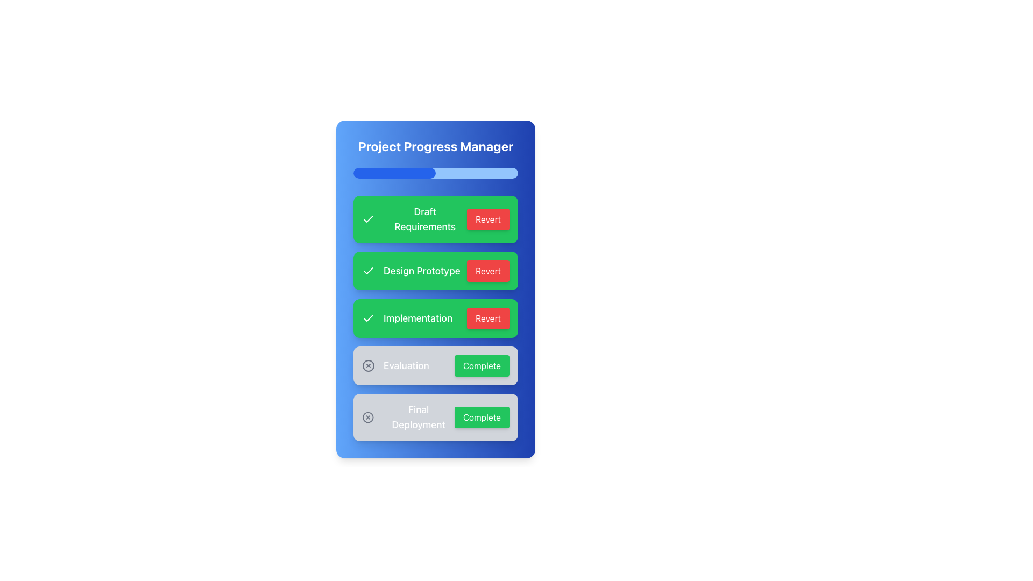 This screenshot has height=581, width=1033. Describe the element at coordinates (369, 270) in the screenshot. I see `the small green checkmark icon located in the second row of the task list, immediately to the left of the 'Design Prototype' text label` at that location.